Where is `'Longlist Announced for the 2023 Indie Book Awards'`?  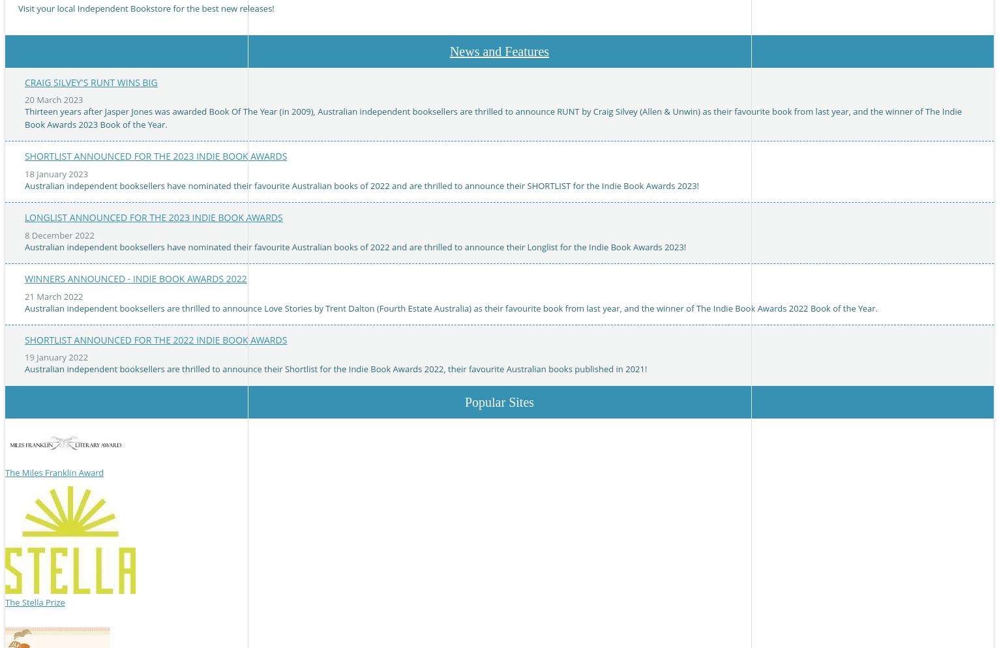
'Longlist Announced for the 2023 Indie Book Awards' is located at coordinates (153, 216).